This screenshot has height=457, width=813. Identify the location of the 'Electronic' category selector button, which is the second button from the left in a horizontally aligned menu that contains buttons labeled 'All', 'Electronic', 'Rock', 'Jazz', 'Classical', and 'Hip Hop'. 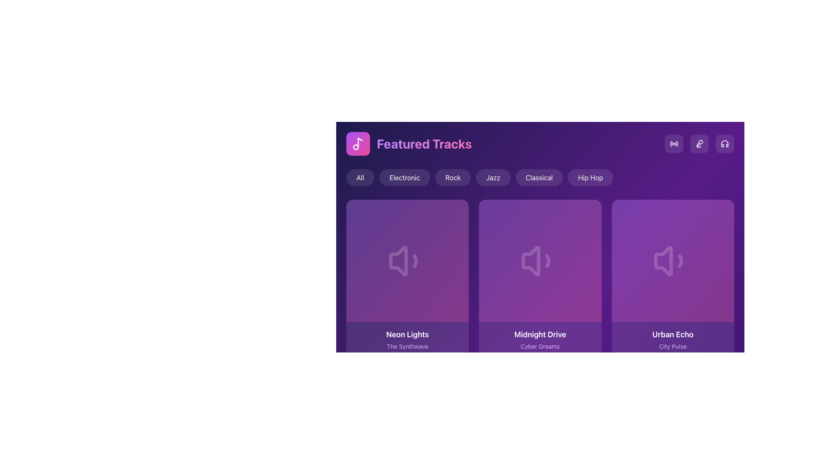
(404, 177).